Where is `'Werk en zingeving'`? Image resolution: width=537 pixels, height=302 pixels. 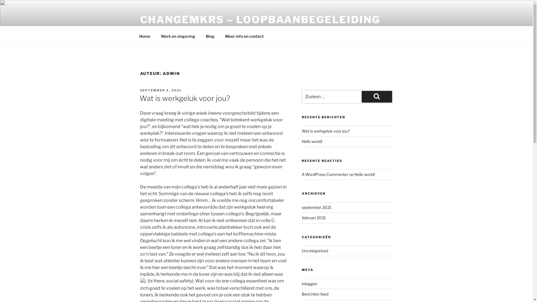 'Werk en zingeving' is located at coordinates (178, 36).